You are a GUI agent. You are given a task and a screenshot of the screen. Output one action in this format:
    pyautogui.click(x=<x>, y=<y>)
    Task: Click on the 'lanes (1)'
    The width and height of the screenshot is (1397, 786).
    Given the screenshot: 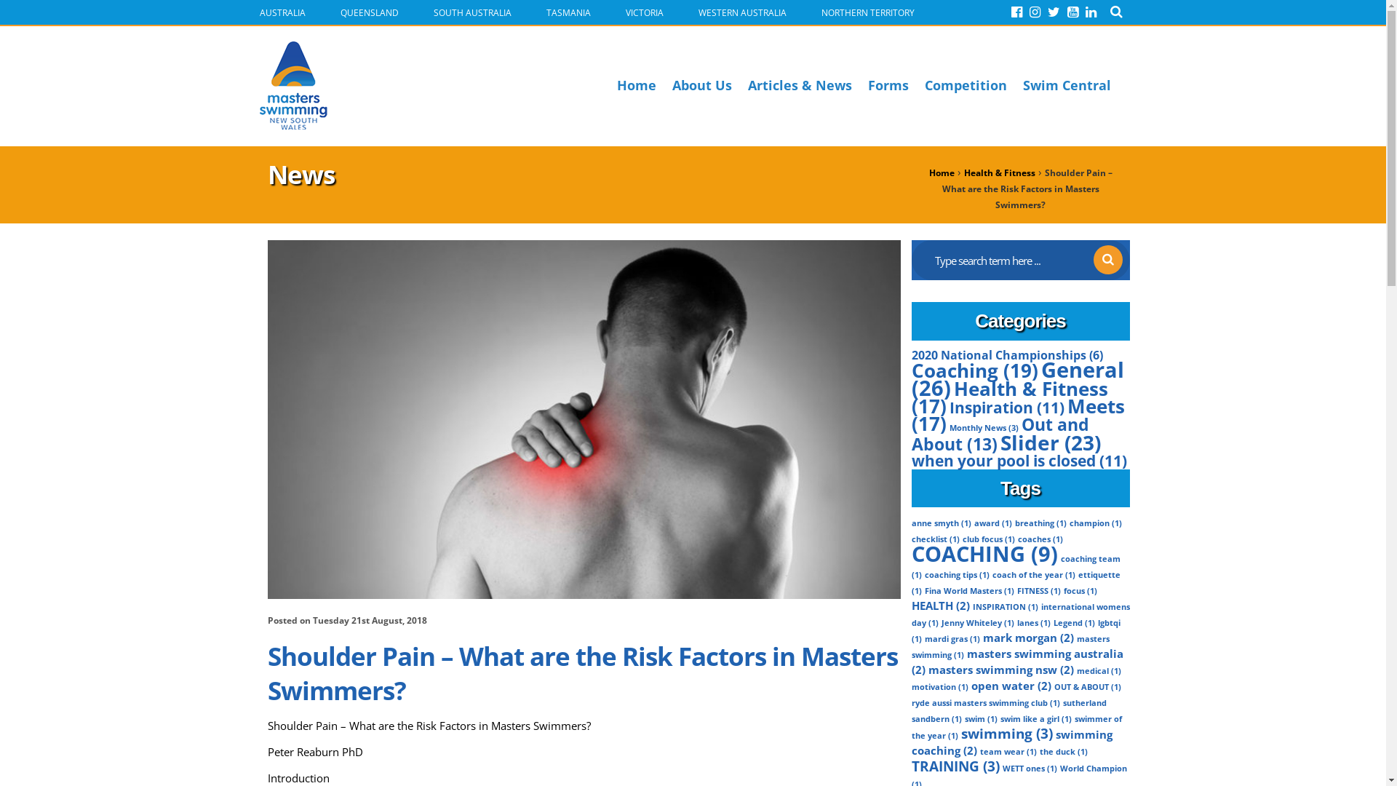 What is the action you would take?
    pyautogui.click(x=1016, y=622)
    